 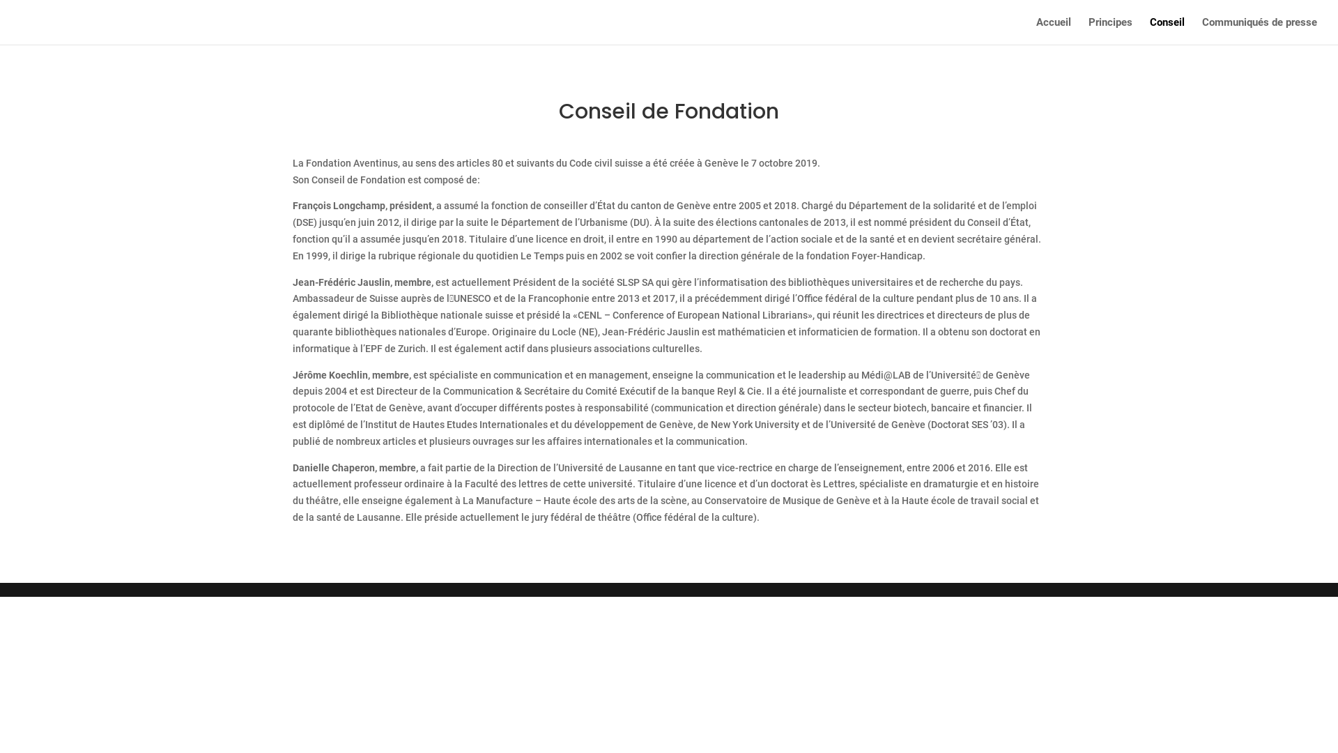 I want to click on 'Conseil', so click(x=1167, y=31).